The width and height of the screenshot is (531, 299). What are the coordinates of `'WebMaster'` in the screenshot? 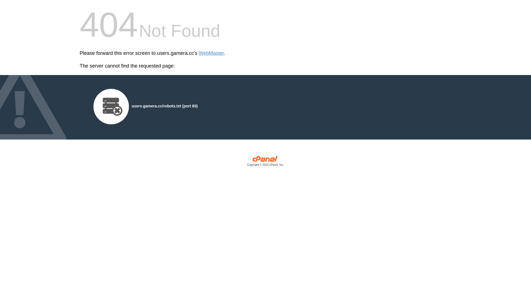 It's located at (211, 53).